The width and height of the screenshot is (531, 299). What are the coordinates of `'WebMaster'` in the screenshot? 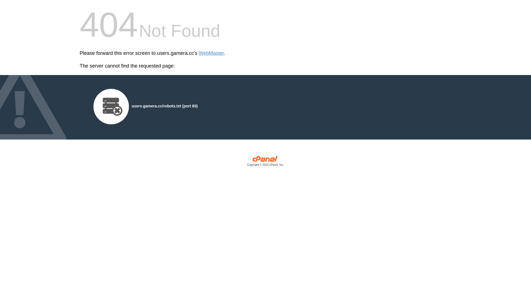 It's located at (211, 53).